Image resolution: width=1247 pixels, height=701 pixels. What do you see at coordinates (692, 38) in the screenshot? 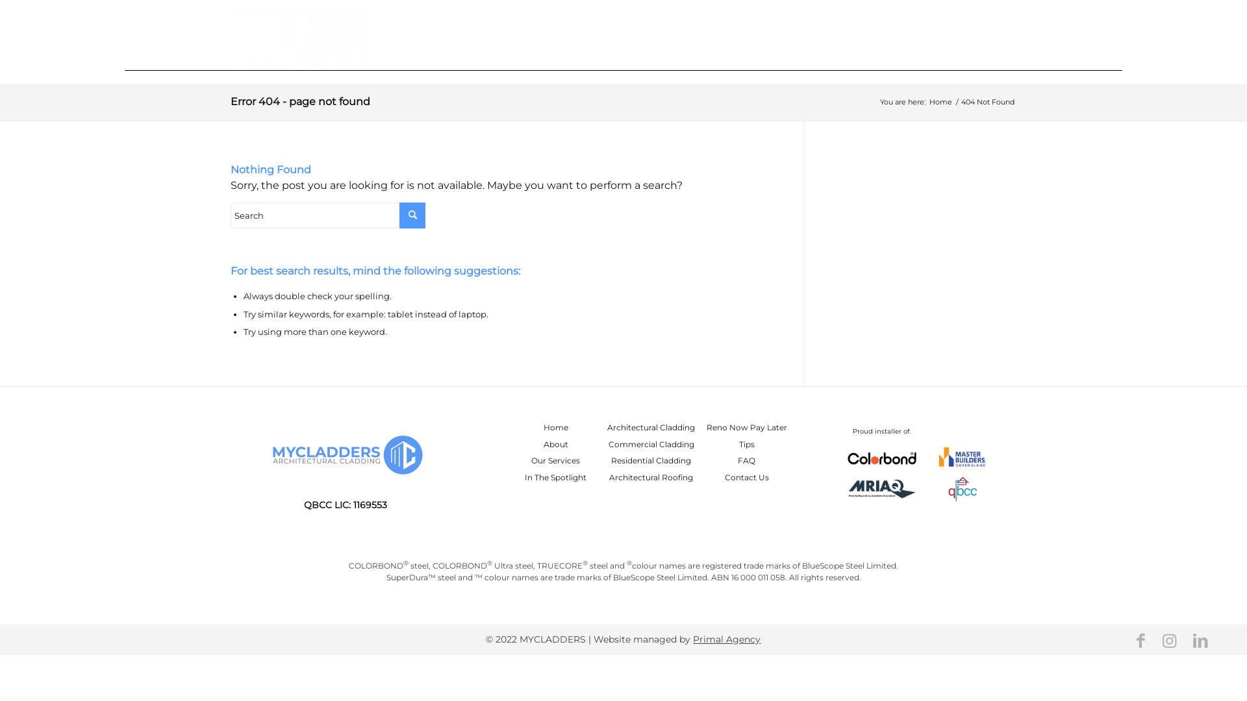
I see `'Home'` at bounding box center [692, 38].